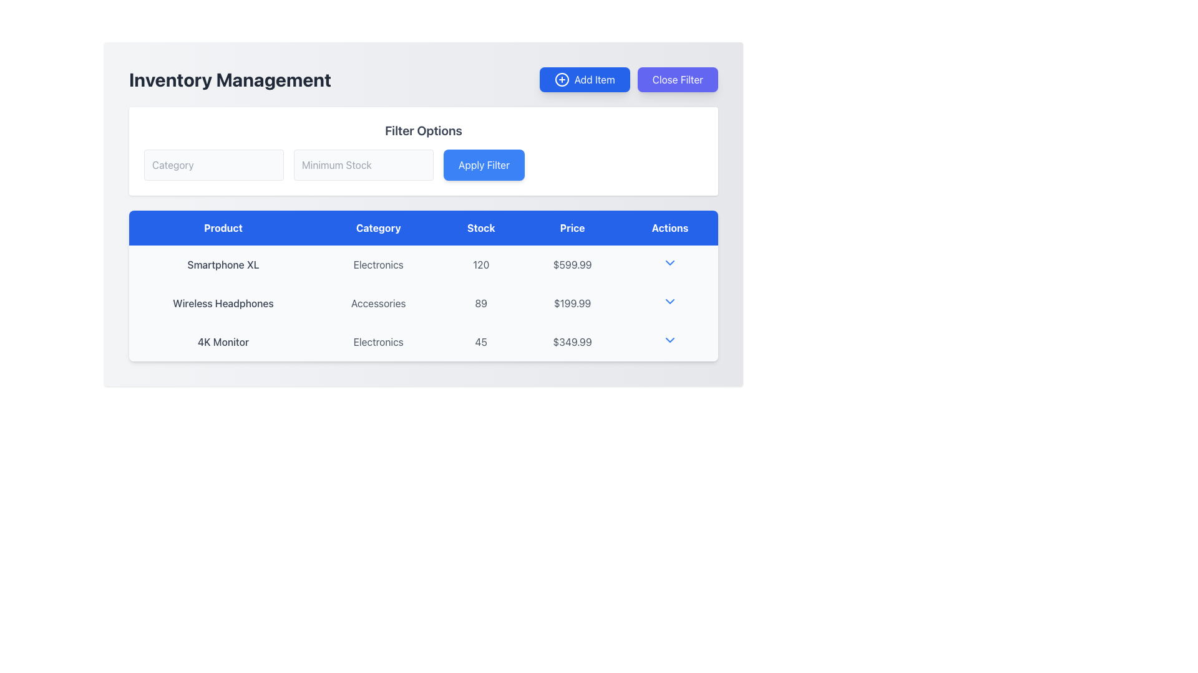 This screenshot has width=1198, height=673. What do you see at coordinates (670, 301) in the screenshot?
I see `the blue downward arrow icon resembling a chevron in the 'Actions' column of the second row of the data table for the 'Wireless Headphones' product` at bounding box center [670, 301].